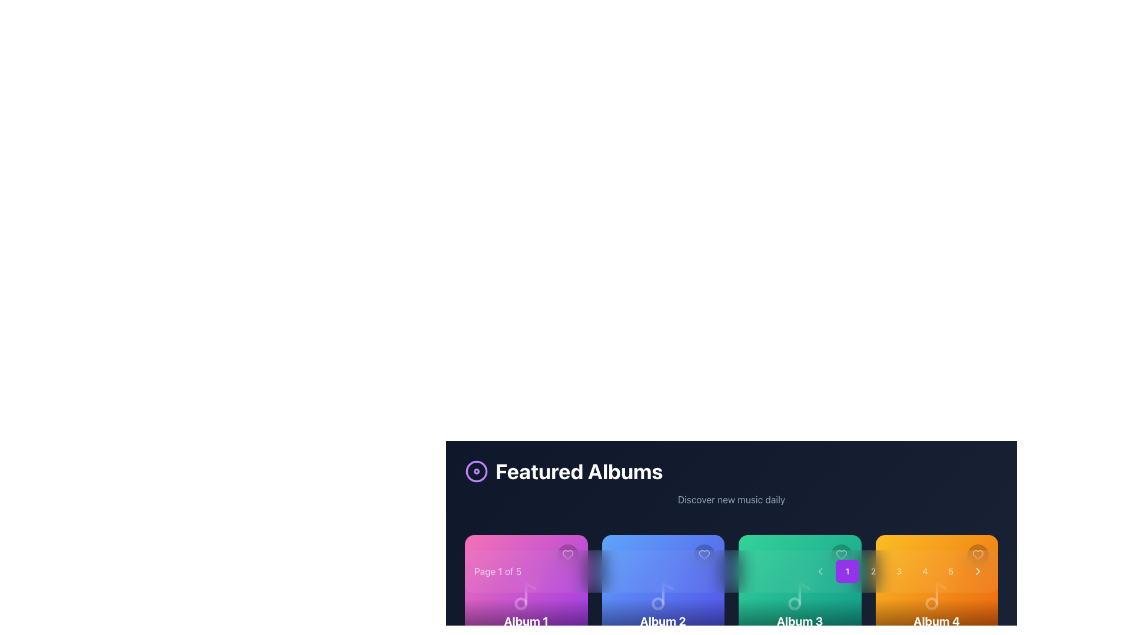  I want to click on the heart icon located in the upper-right corner of the orange-colored card within the 'Featured Albums' grid, so click(978, 555).